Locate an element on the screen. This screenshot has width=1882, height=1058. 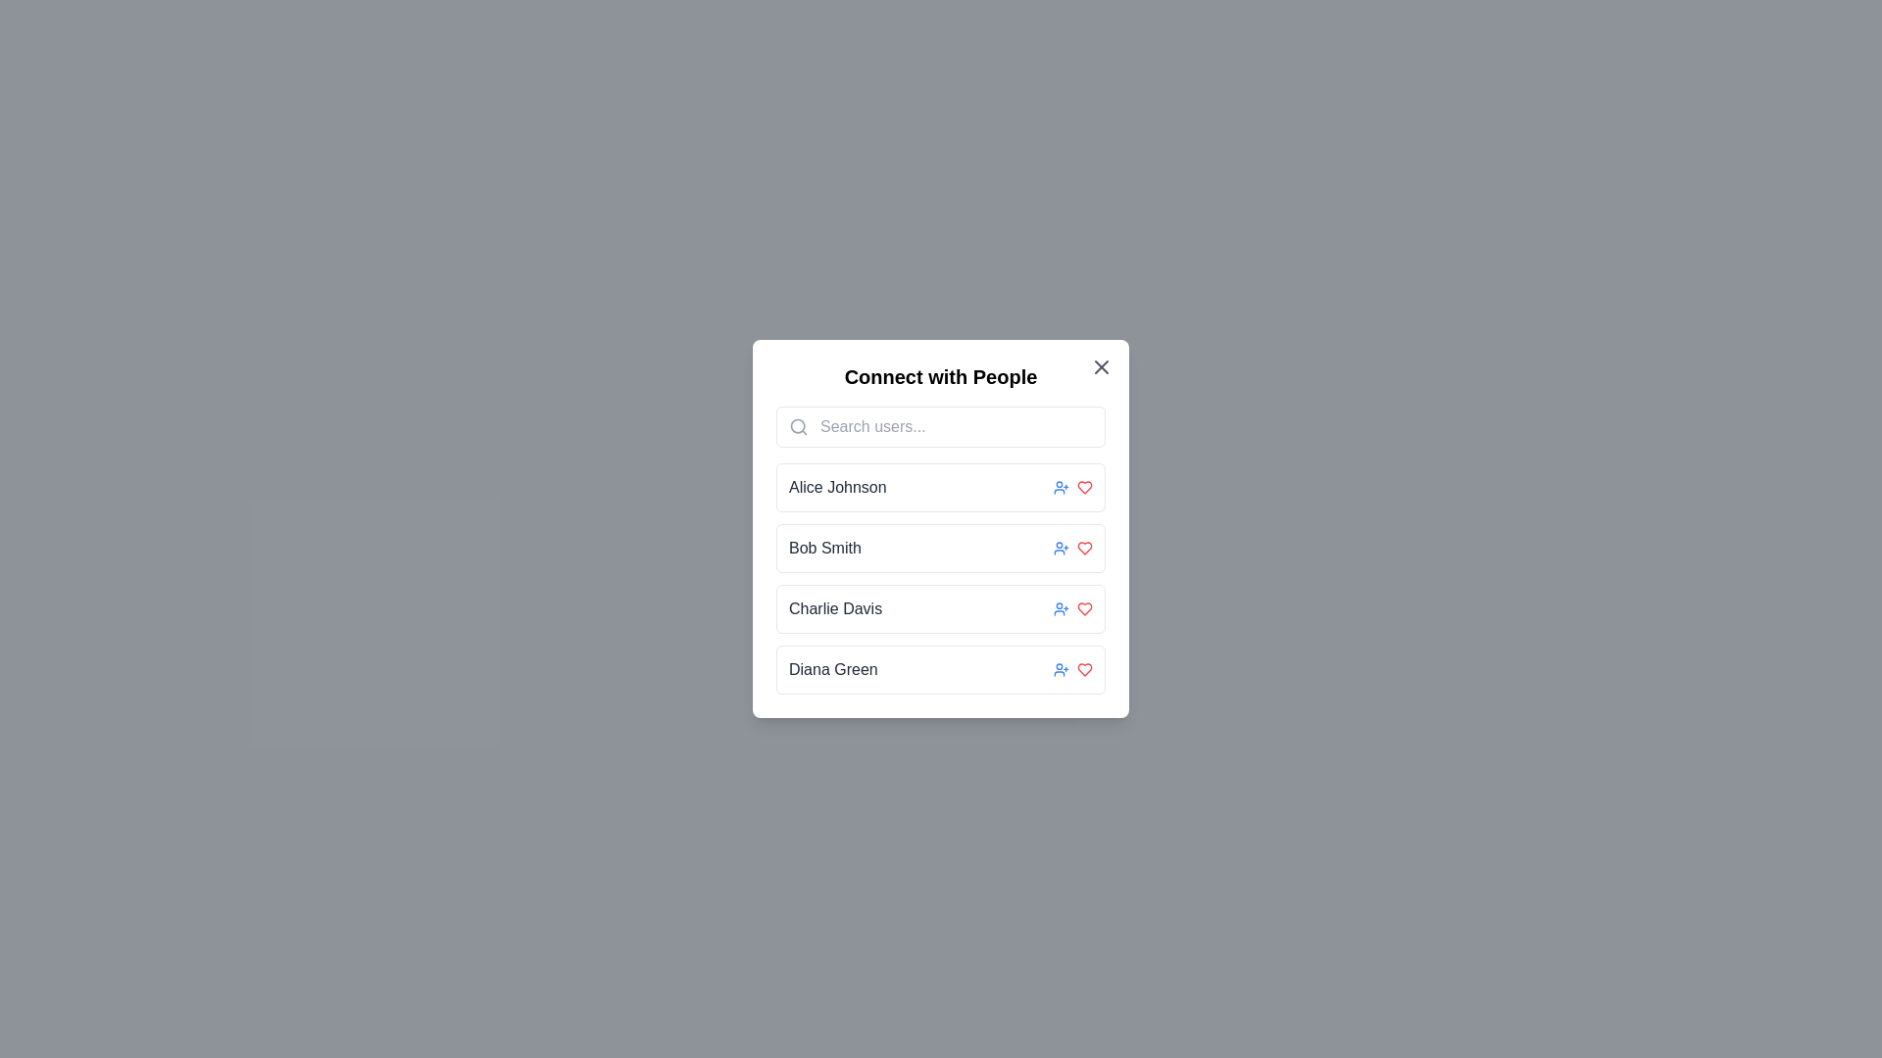
the text label displaying 'Alice Johnson' which is located in the first row of the user entries in the 'Connect with People' modal and is to the left of two action icons is located at coordinates (837, 486).